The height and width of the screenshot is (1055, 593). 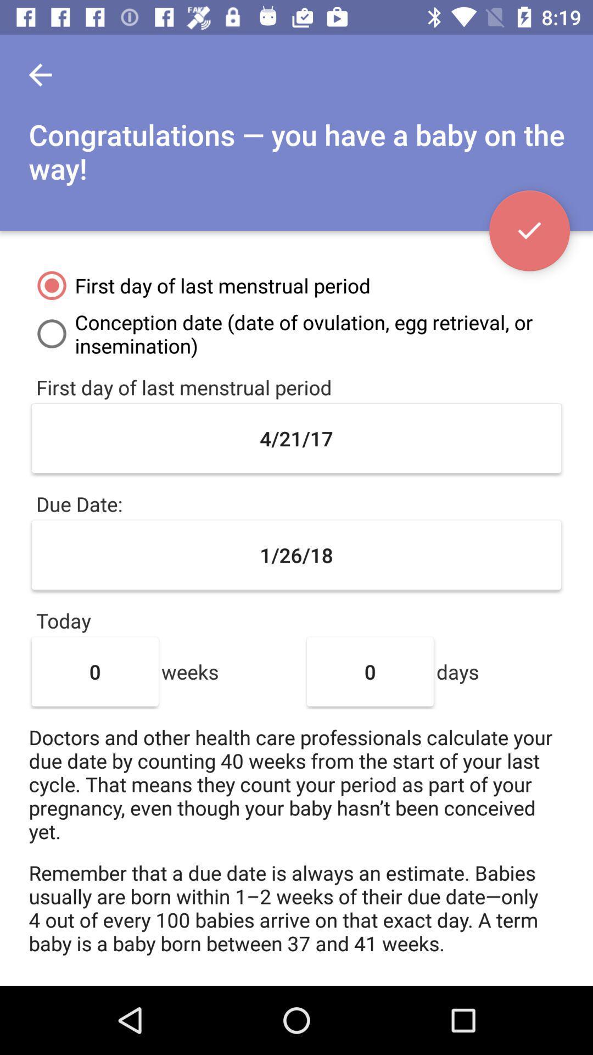 What do you see at coordinates (296, 555) in the screenshot?
I see `the 1/26/18 icon` at bounding box center [296, 555].